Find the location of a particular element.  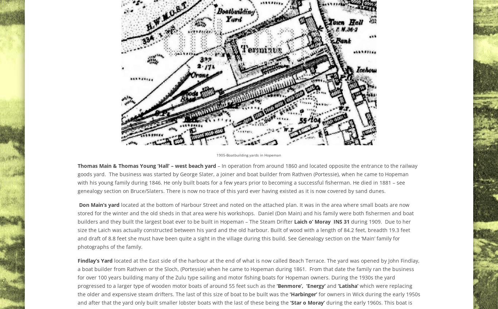

'which were replacing the older and expensive steam drifters. The last of this size of boat to be built was the' is located at coordinates (244, 290).